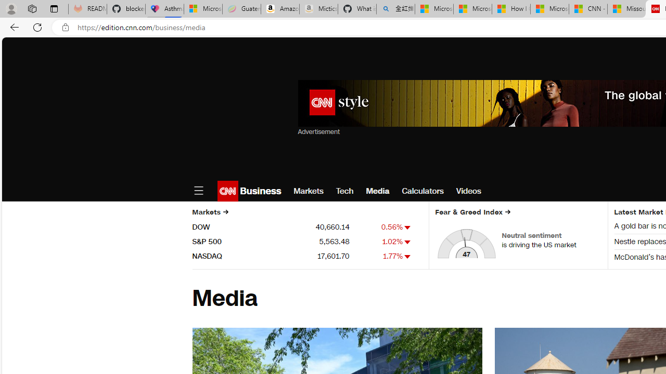 This screenshot has width=666, height=374. What do you see at coordinates (260, 191) in the screenshot?
I see `'Business'` at bounding box center [260, 191].